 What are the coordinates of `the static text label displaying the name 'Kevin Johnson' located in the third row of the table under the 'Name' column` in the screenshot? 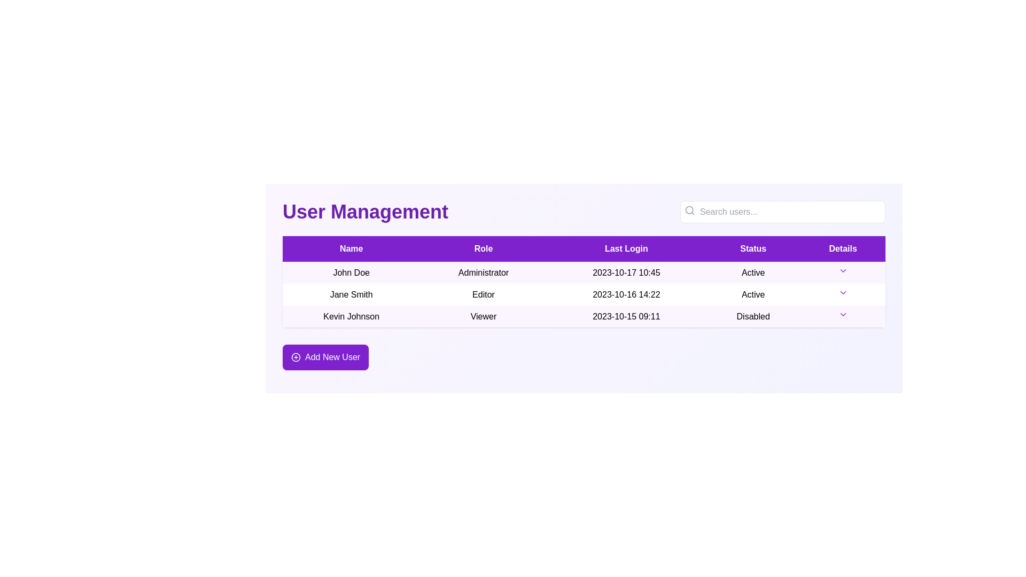 It's located at (351, 316).